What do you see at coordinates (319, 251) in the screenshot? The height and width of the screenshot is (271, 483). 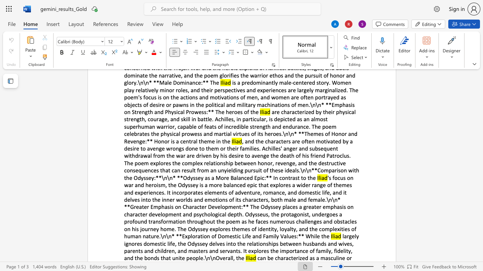 I see `the 12th character "a" in the text` at bounding box center [319, 251].